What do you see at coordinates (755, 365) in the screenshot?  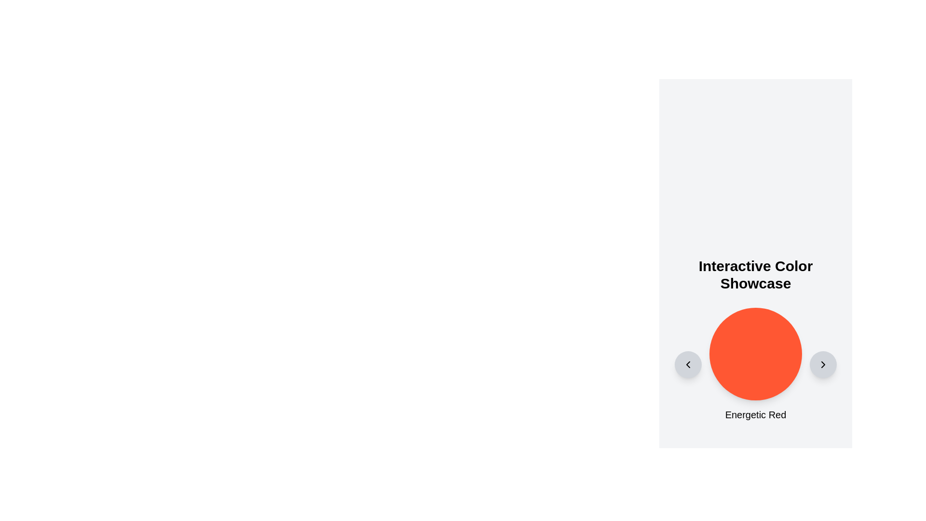 I see `the vibrant red circular component labeled 'Energetic Red'` at bounding box center [755, 365].